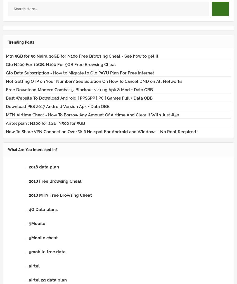  Describe the element at coordinates (6, 98) in the screenshot. I see `'Best Website To Download Android | PPSSPP | PC | Games Full + Data OBB'` at that location.